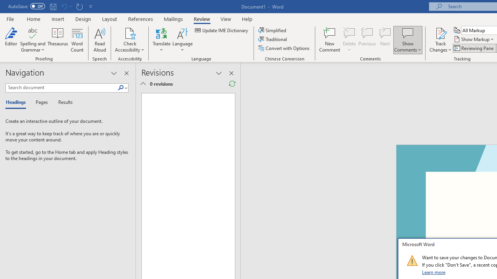  What do you see at coordinates (173, 19) in the screenshot?
I see `'Mailings'` at bounding box center [173, 19].